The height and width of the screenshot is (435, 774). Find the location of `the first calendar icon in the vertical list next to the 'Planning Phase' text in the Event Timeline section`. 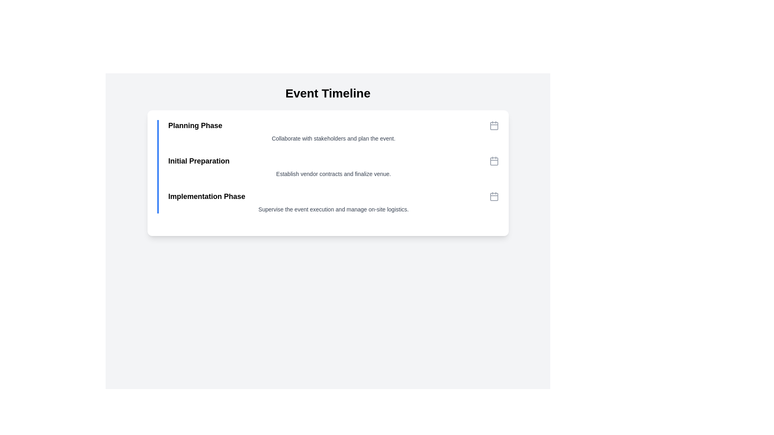

the first calendar icon in the vertical list next to the 'Planning Phase' text in the Event Timeline section is located at coordinates (493, 126).